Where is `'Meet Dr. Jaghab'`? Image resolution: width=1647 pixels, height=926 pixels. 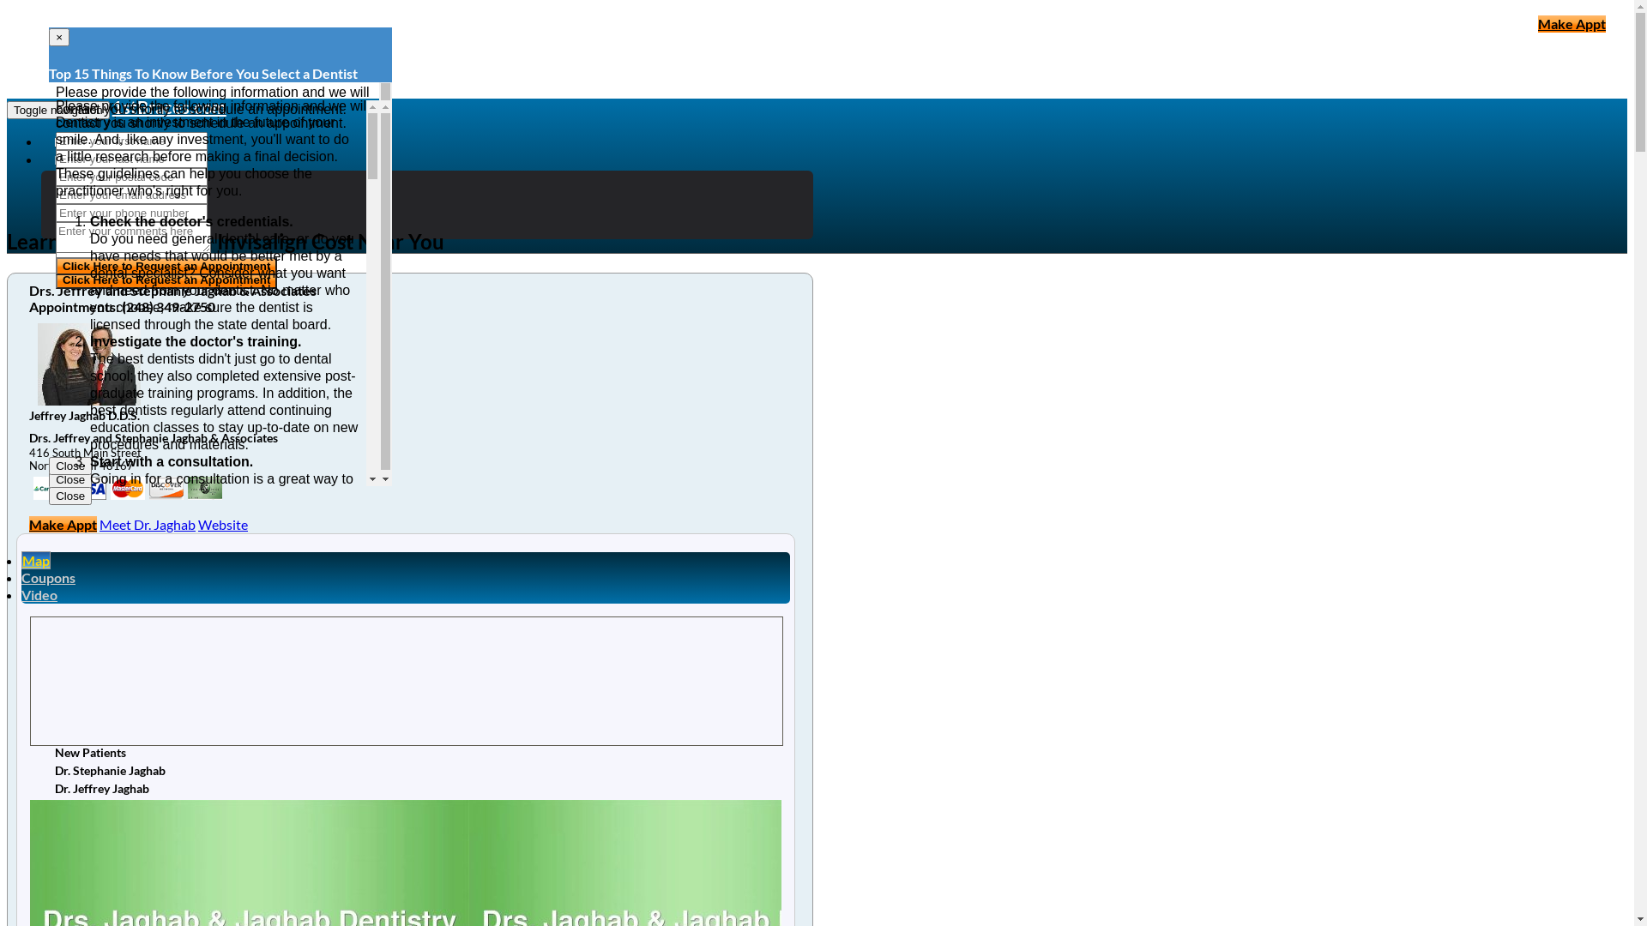
'Meet Dr. Jaghab' is located at coordinates (148, 523).